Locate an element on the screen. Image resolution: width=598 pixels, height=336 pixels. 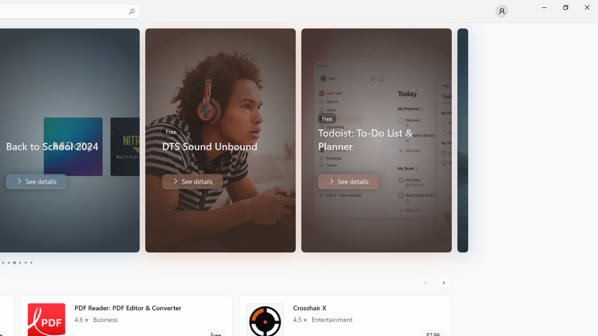
'AutomationID: RightScrollButton' is located at coordinates (444, 282).